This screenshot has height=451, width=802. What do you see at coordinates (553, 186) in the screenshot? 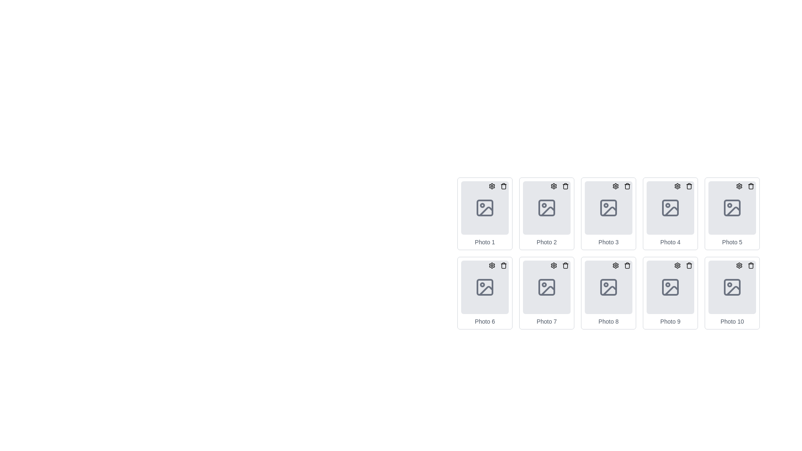
I see `the settings SVG icon located in the second photo thumbnail ('Photo 2') in the top row of the grid layout` at bounding box center [553, 186].